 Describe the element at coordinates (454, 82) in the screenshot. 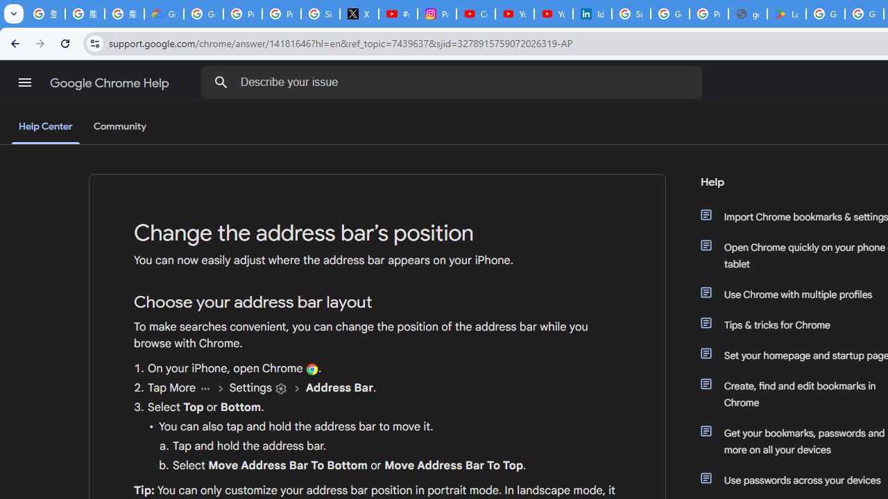

I see `'Describe your issue'` at that location.